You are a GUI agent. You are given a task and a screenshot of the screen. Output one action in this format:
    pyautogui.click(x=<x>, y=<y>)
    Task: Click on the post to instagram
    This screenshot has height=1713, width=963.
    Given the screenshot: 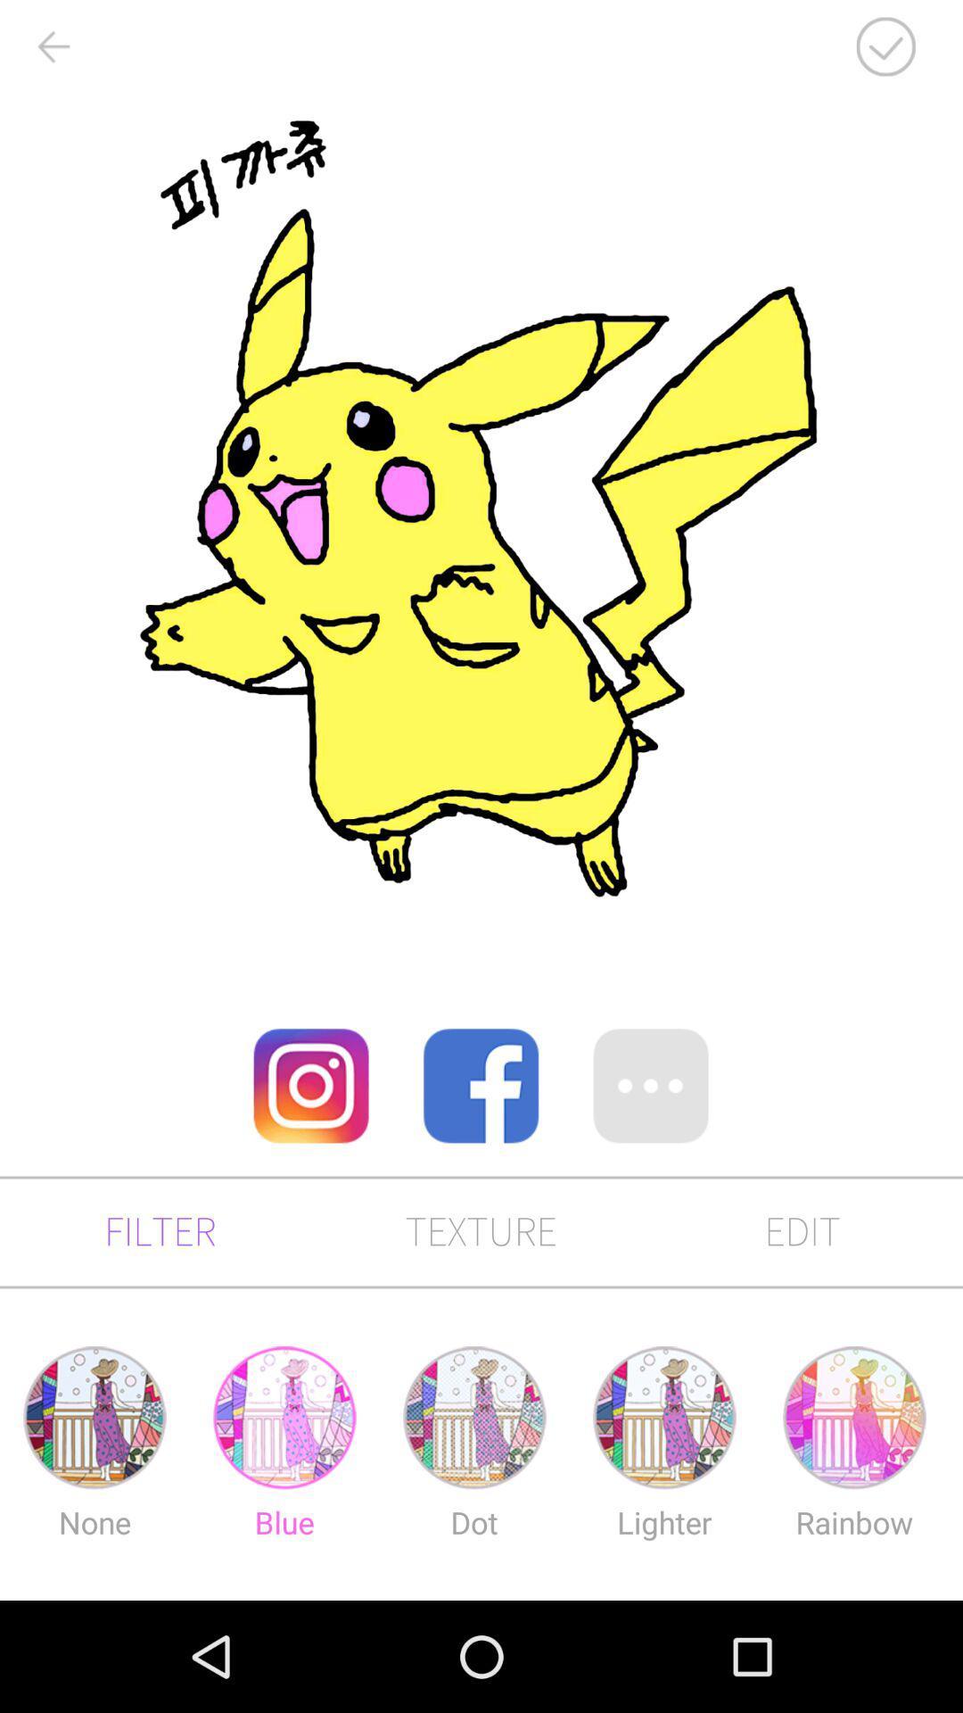 What is the action you would take?
    pyautogui.click(x=310, y=1085)
    